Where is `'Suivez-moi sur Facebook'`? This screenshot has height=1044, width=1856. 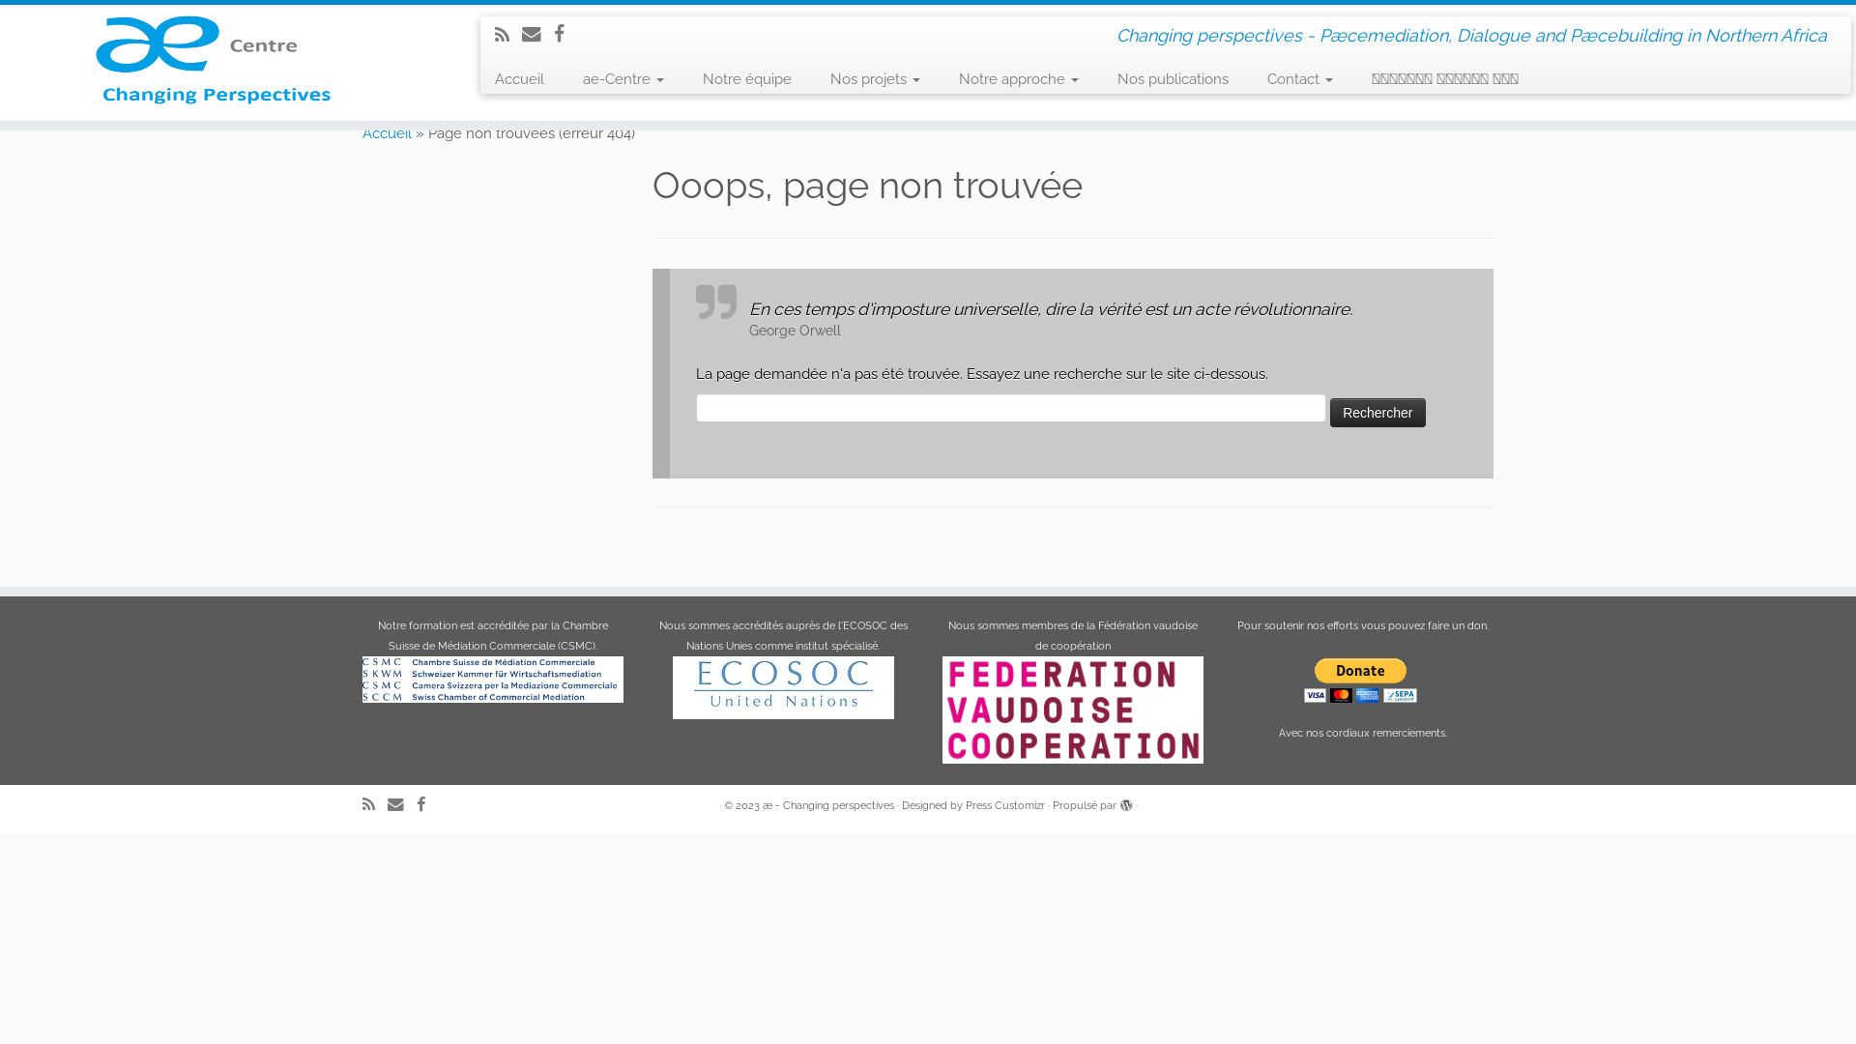 'Suivez-moi sur Facebook' is located at coordinates (565, 34).